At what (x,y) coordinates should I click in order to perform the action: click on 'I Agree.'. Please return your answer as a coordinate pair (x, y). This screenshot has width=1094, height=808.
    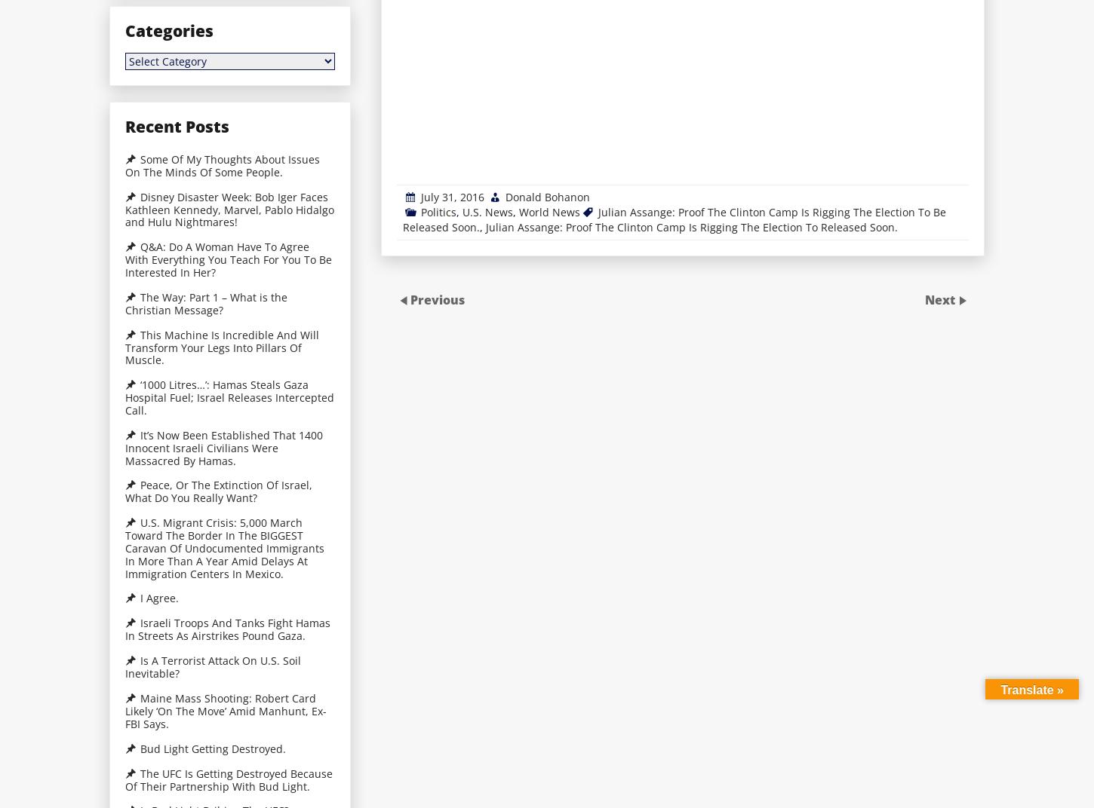
    Looking at the image, I should click on (158, 598).